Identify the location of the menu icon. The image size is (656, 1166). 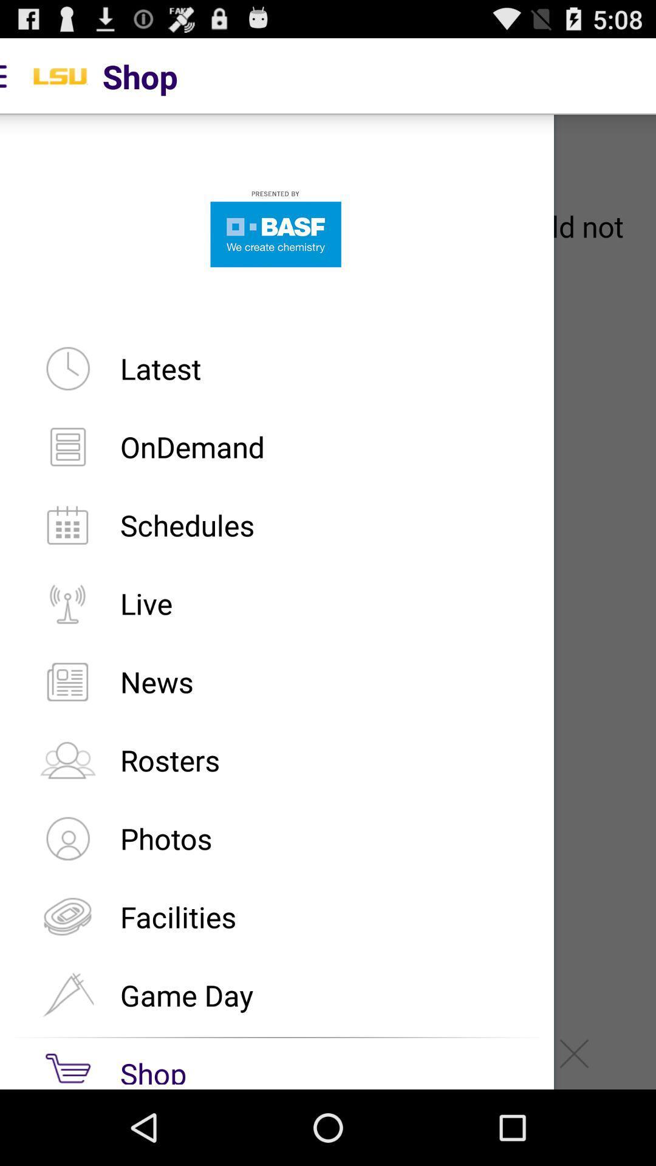
(82, 1127).